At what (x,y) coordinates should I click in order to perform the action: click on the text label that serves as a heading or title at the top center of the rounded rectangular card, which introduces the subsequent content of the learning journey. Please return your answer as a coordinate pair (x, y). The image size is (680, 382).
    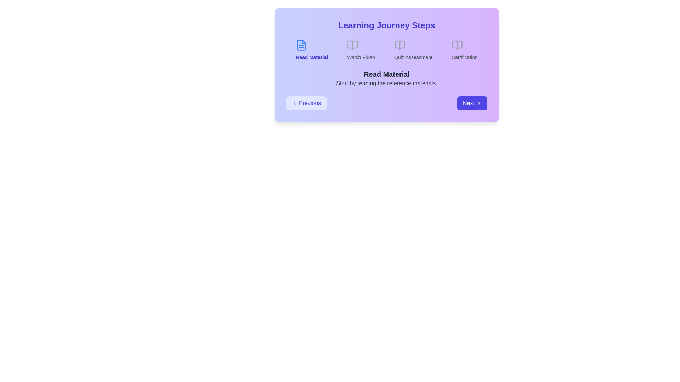
    Looking at the image, I should click on (386, 25).